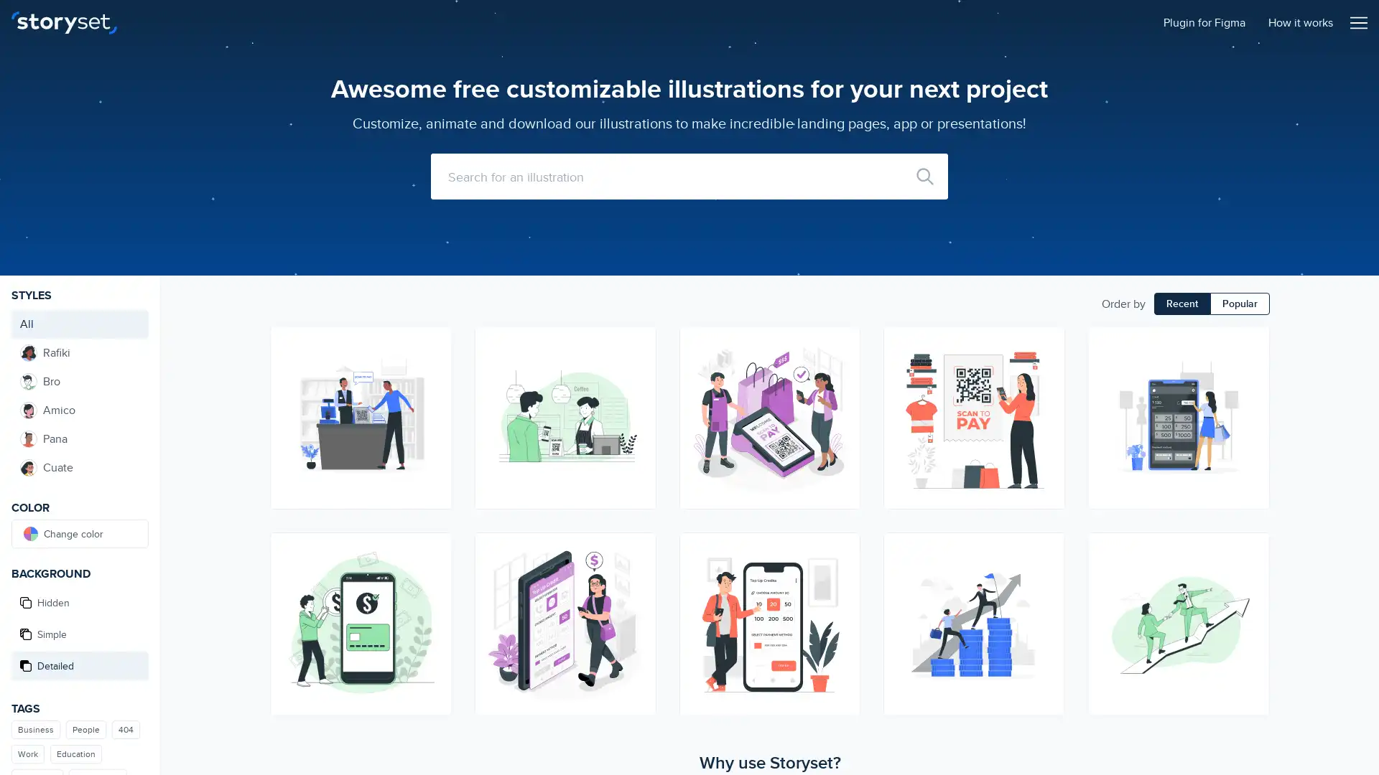  What do you see at coordinates (1250, 344) in the screenshot?
I see `wand icon Animate` at bounding box center [1250, 344].